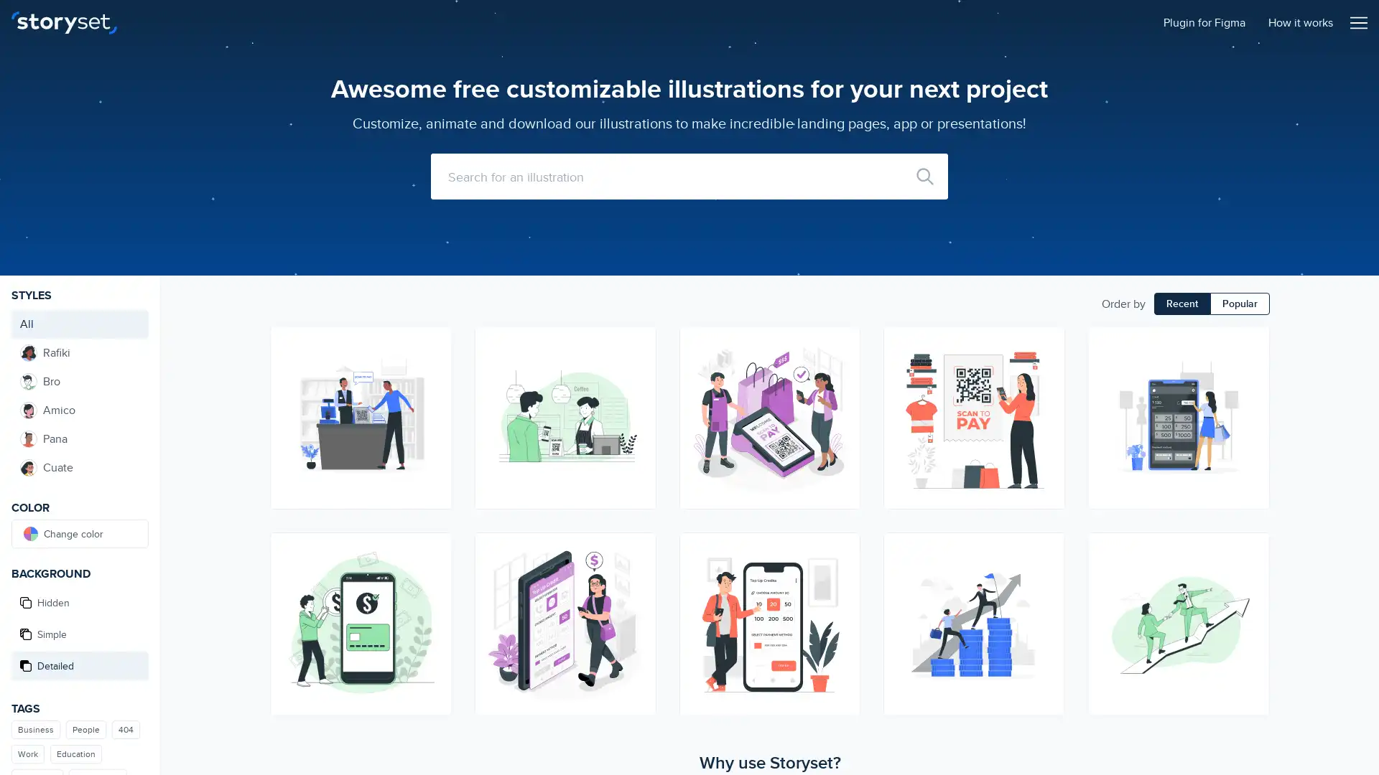  What do you see at coordinates (1250, 344) in the screenshot?
I see `wand icon Animate` at bounding box center [1250, 344].